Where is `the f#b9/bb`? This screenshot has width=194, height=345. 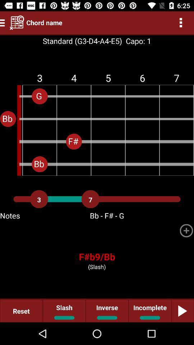 the f#b9/bb is located at coordinates (97, 257).